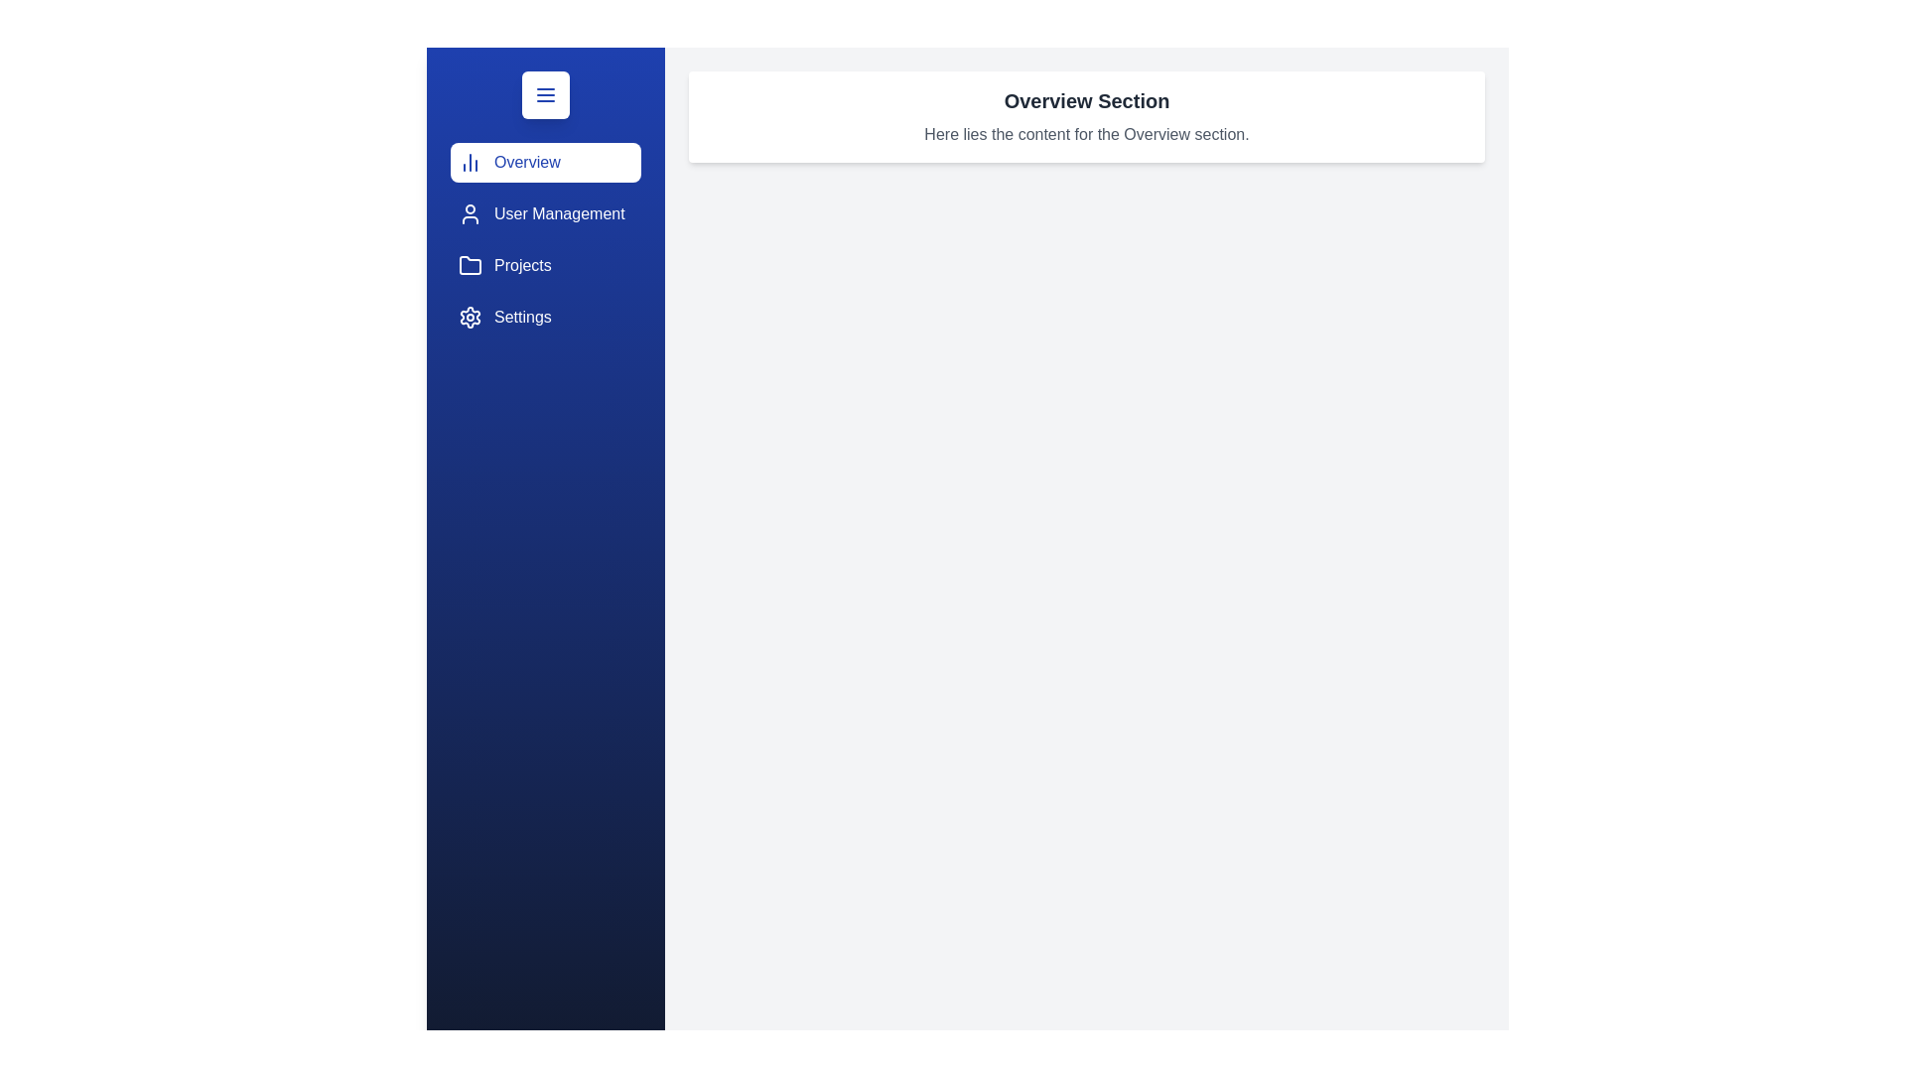  I want to click on the sidebar section User Management by clicking on its corresponding area, so click(546, 214).